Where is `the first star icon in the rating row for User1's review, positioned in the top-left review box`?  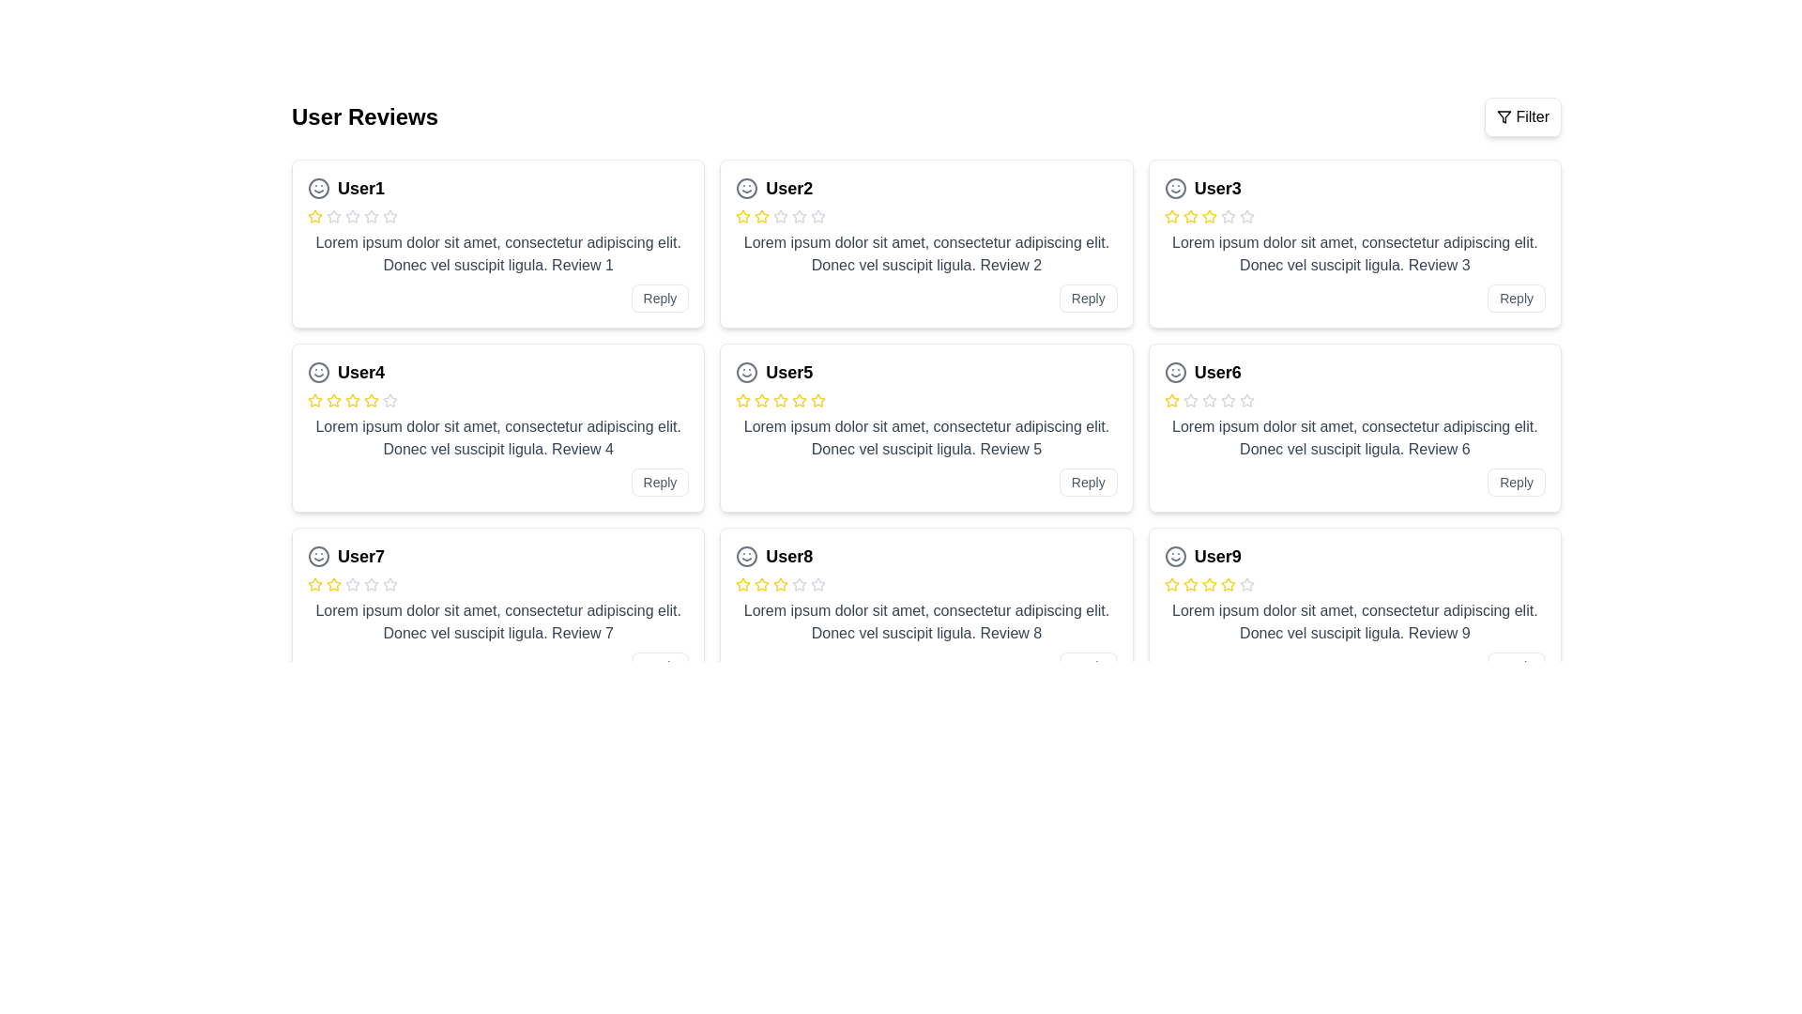
the first star icon in the rating row for User1's review, positioned in the top-left review box is located at coordinates (333, 215).